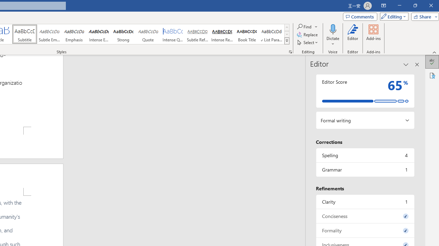  What do you see at coordinates (307, 35) in the screenshot?
I see `'Replace...'` at bounding box center [307, 35].